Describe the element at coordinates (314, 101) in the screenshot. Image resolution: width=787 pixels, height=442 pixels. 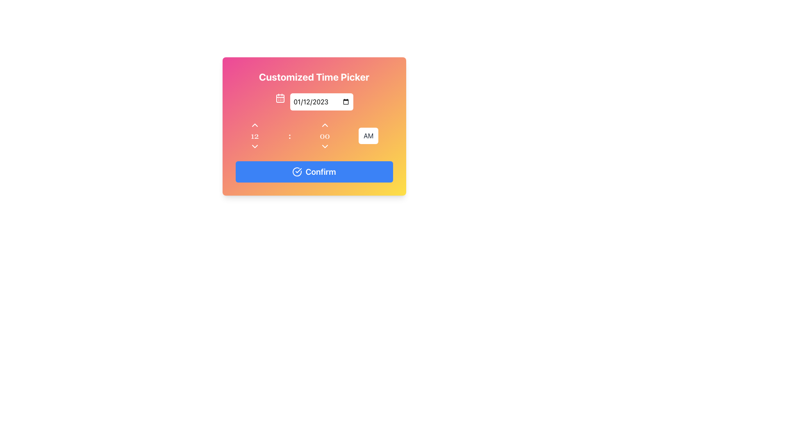
I see `the input field of the date picker` at that location.